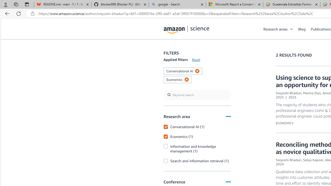 This screenshot has width=331, height=186. I want to click on 'home page', so click(186, 28).